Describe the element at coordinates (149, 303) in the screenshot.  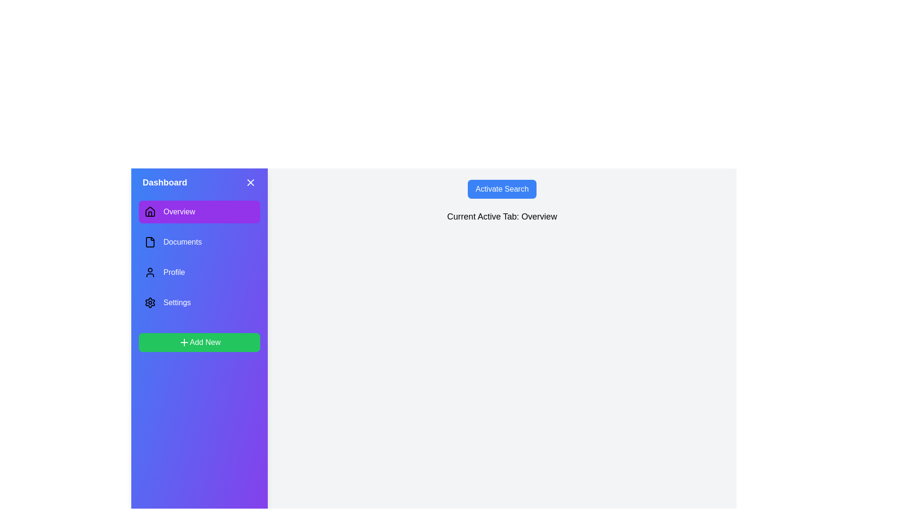
I see `the gear-like icon representing settings, located in the left-hand blue menu pane, fourth in the vertical stack beneath the 'Profile' item` at that location.